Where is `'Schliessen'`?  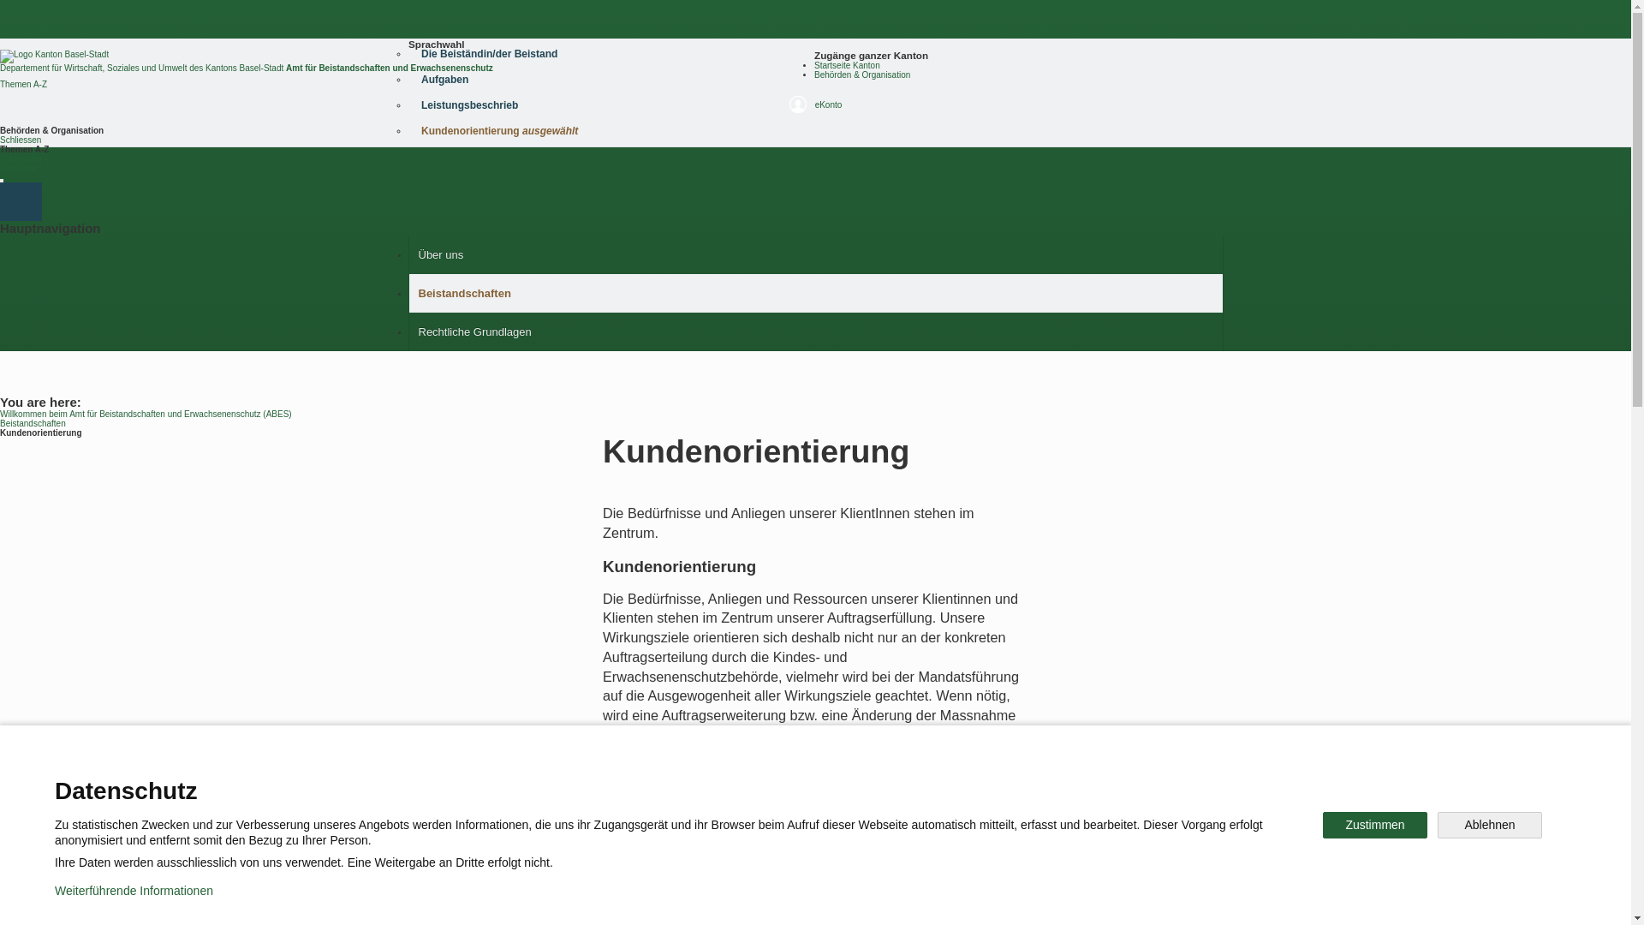 'Schliessen' is located at coordinates (0, 158).